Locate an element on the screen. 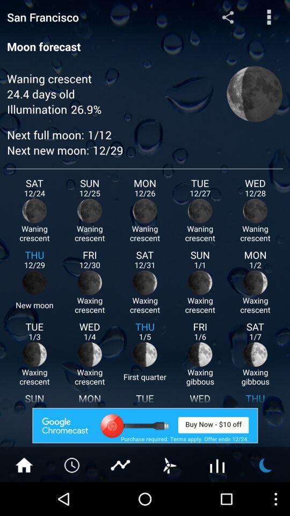 The image size is (290, 516). menu button is located at coordinates (269, 16).